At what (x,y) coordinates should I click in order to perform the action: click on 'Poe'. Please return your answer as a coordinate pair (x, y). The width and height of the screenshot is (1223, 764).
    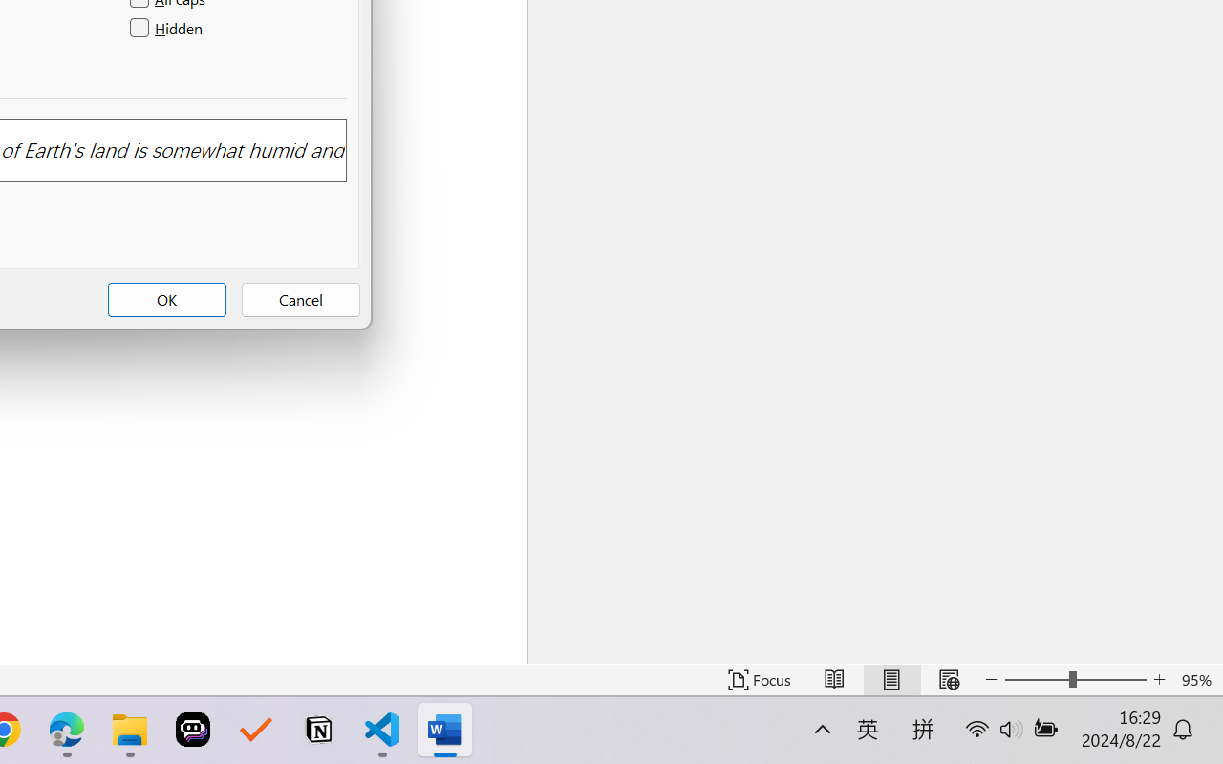
    Looking at the image, I should click on (193, 730).